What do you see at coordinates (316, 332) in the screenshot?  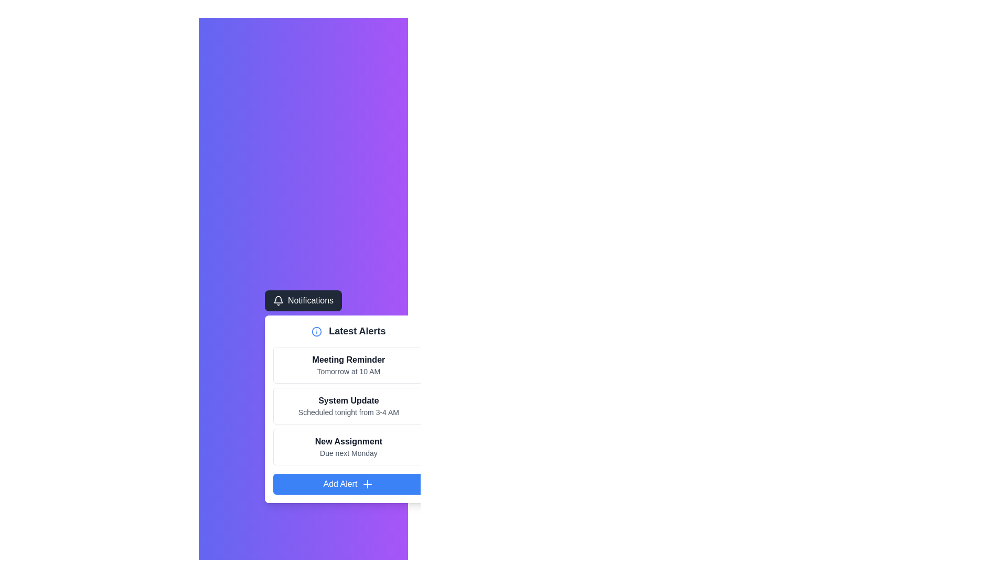 I see `the blue-tinted SVG circle that represents the information icon within the 'Latest Alerts' box for further interaction` at bounding box center [316, 332].